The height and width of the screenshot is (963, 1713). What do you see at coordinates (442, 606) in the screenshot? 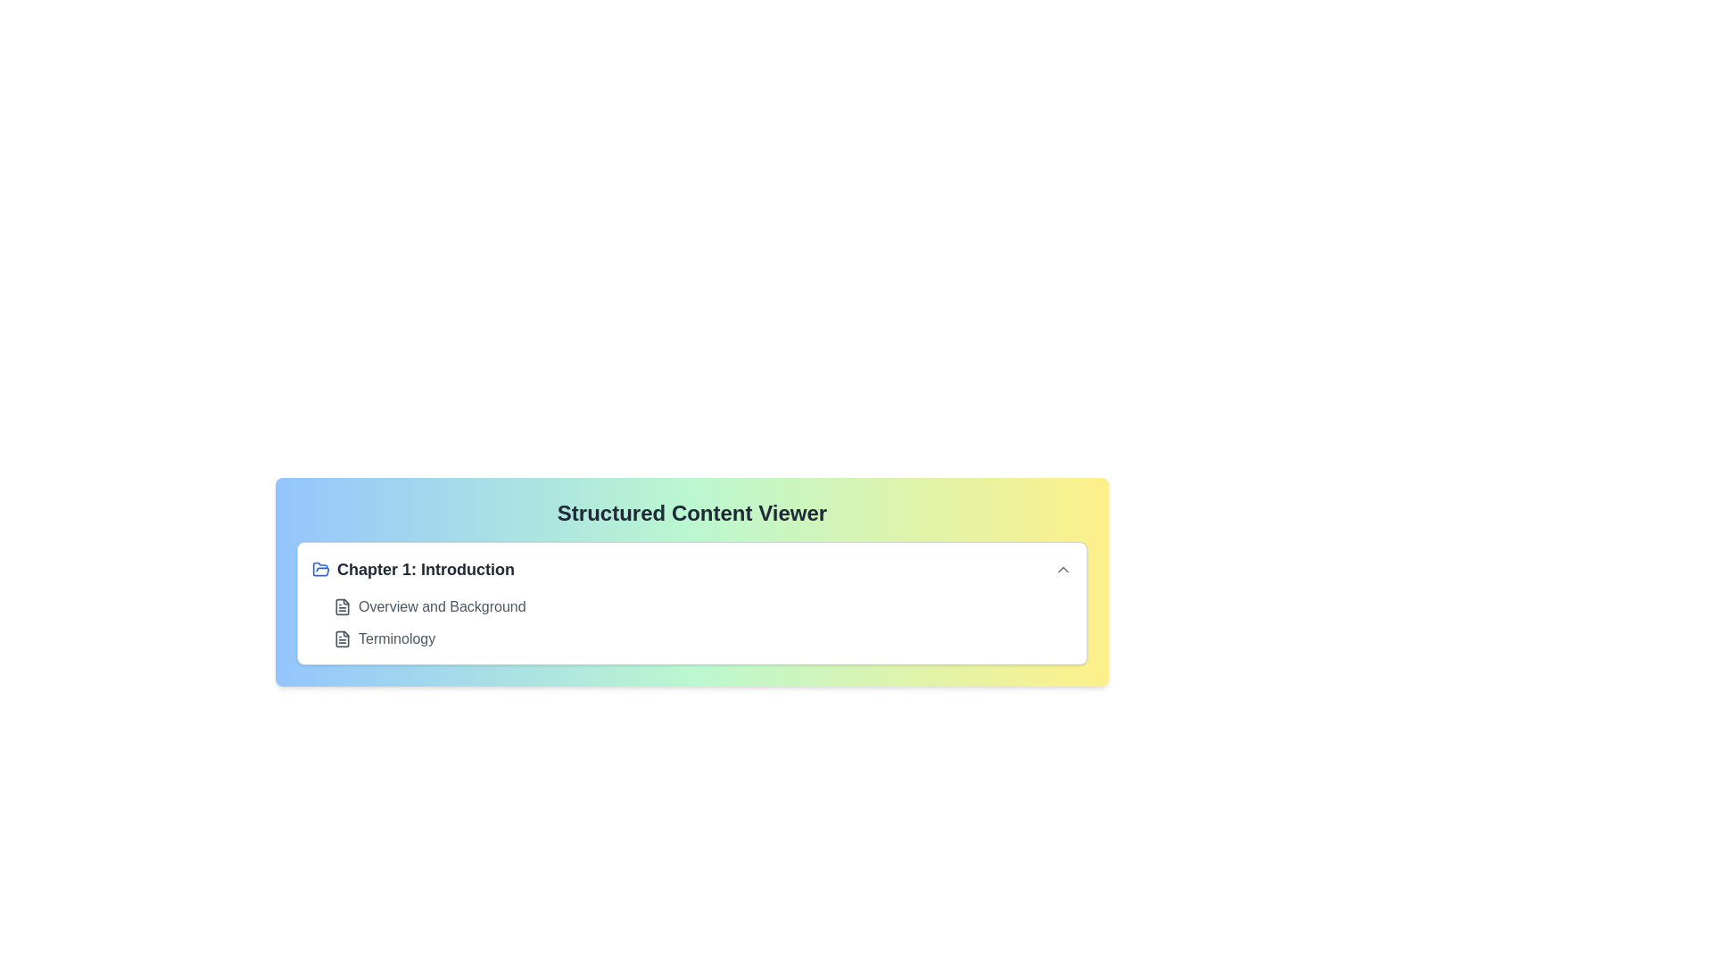
I see `the text label that describes 'Overview and Background', which is the second item in the list under 'Chapter 1: Introduction'` at bounding box center [442, 606].